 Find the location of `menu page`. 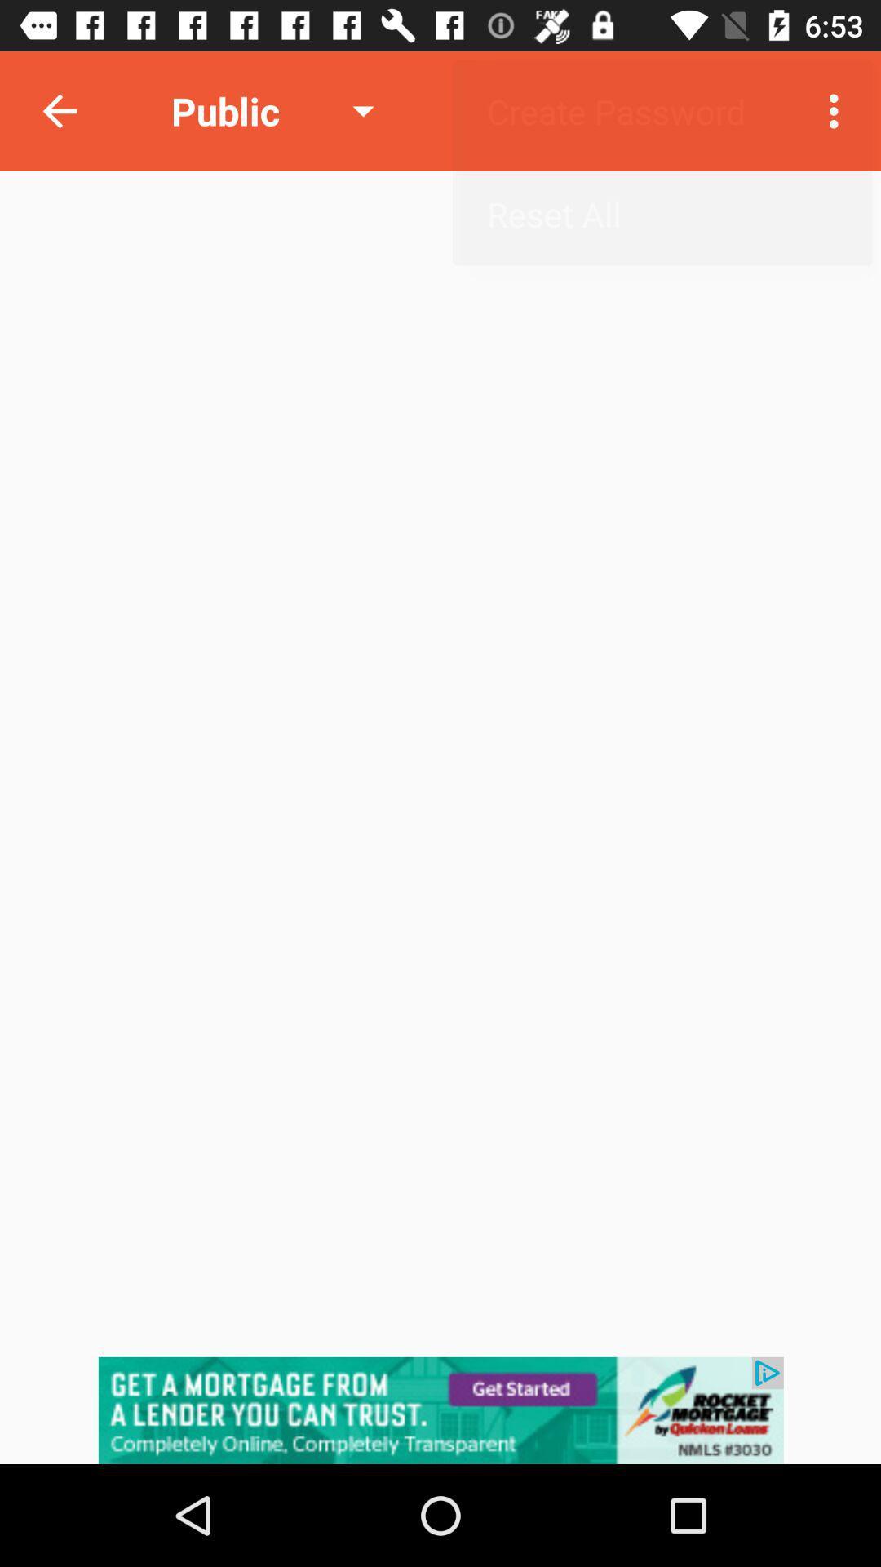

menu page is located at coordinates (440, 1409).